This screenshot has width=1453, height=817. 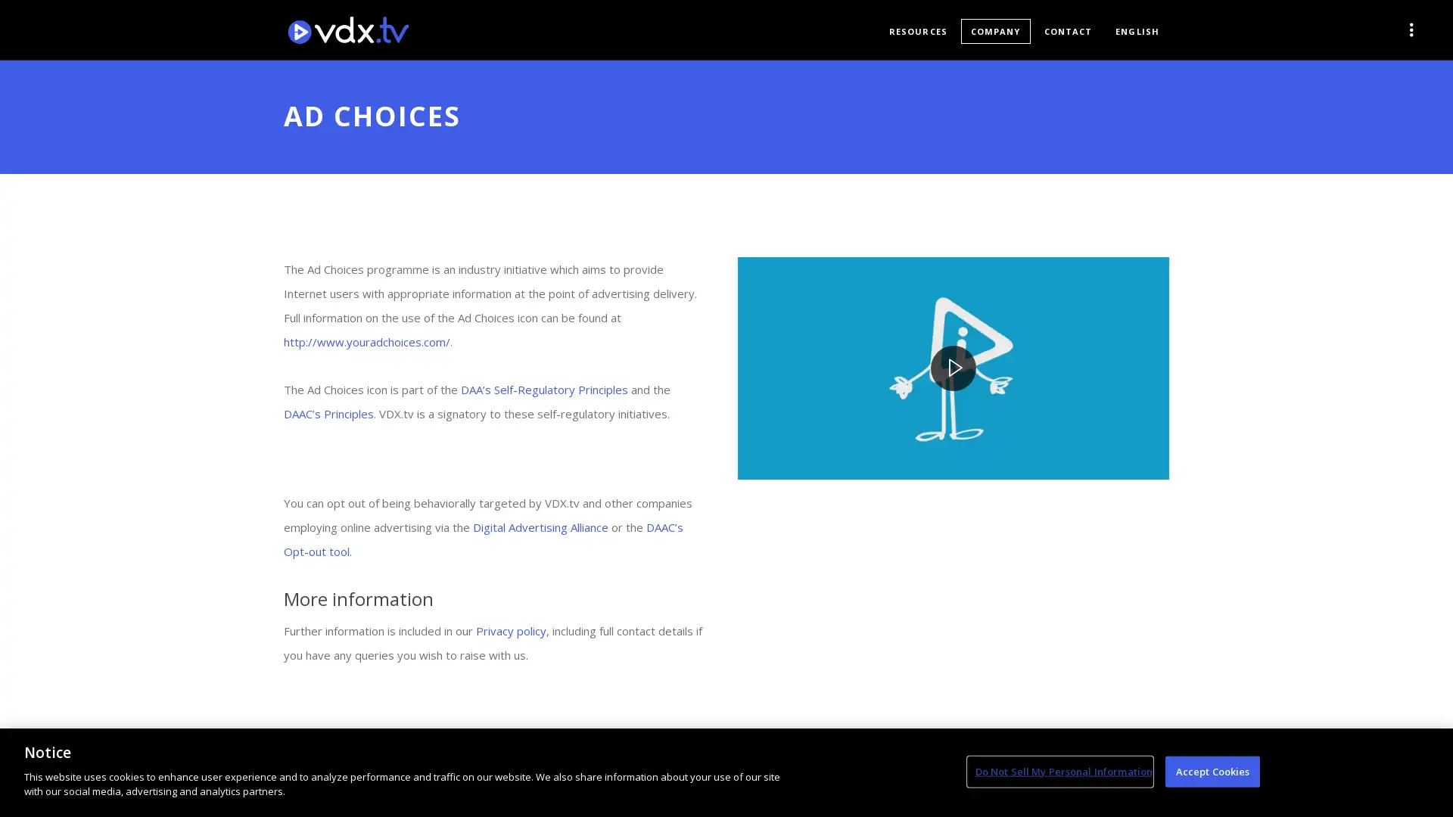 What do you see at coordinates (1212, 771) in the screenshot?
I see `Accept Cookies` at bounding box center [1212, 771].